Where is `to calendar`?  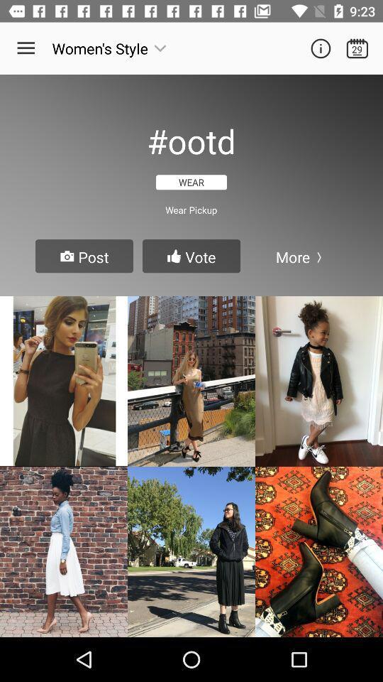
to calendar is located at coordinates (356, 48).